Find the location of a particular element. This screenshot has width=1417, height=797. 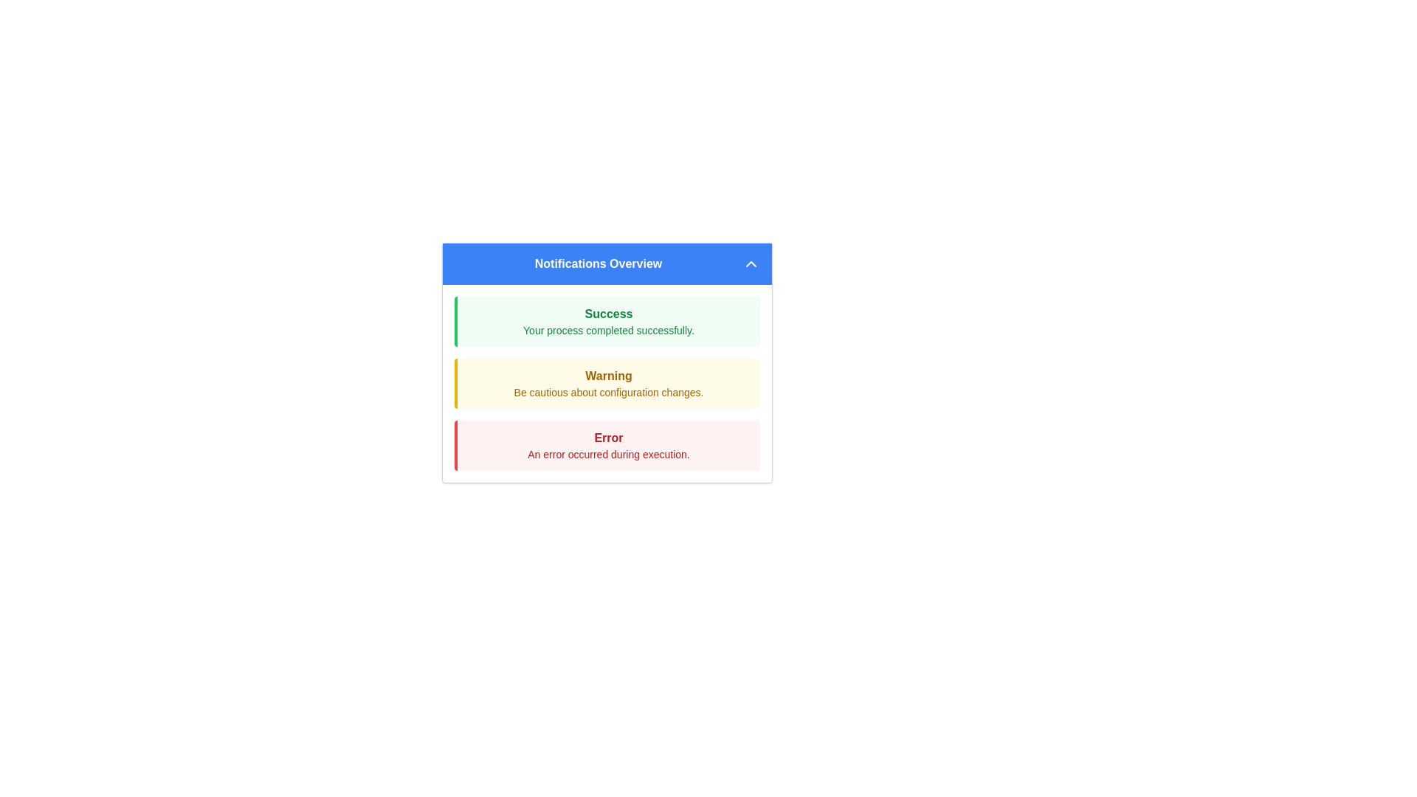

the error notification headline text label located at the top of the red notification box in the notification list is located at coordinates (609, 438).